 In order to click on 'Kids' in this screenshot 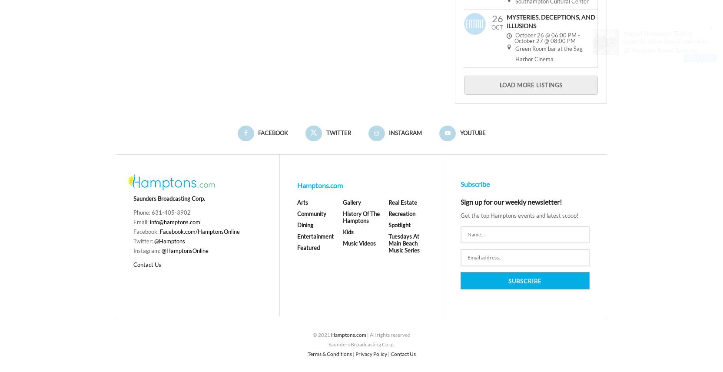, I will do `click(348, 232)`.